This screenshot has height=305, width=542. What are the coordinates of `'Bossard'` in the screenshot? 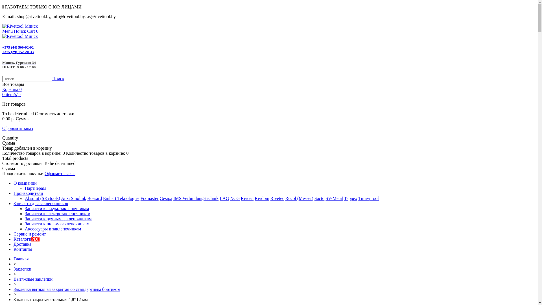 It's located at (95, 198).